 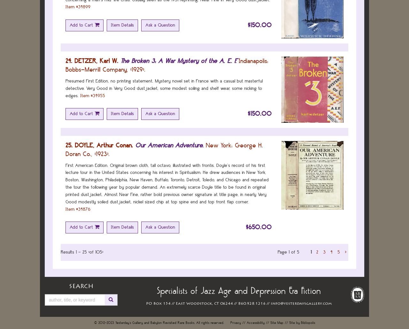 What do you see at coordinates (96, 60) in the screenshot?
I see `'DETZER, Karl W.'` at bounding box center [96, 60].